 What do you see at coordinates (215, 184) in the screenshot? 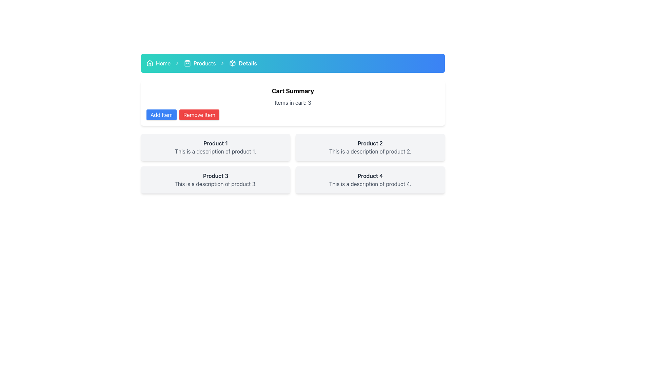
I see `text block containing the phrase 'This is a description of product 3.' located under the header 'Product 3' in the third tile of the grid layout` at bounding box center [215, 184].